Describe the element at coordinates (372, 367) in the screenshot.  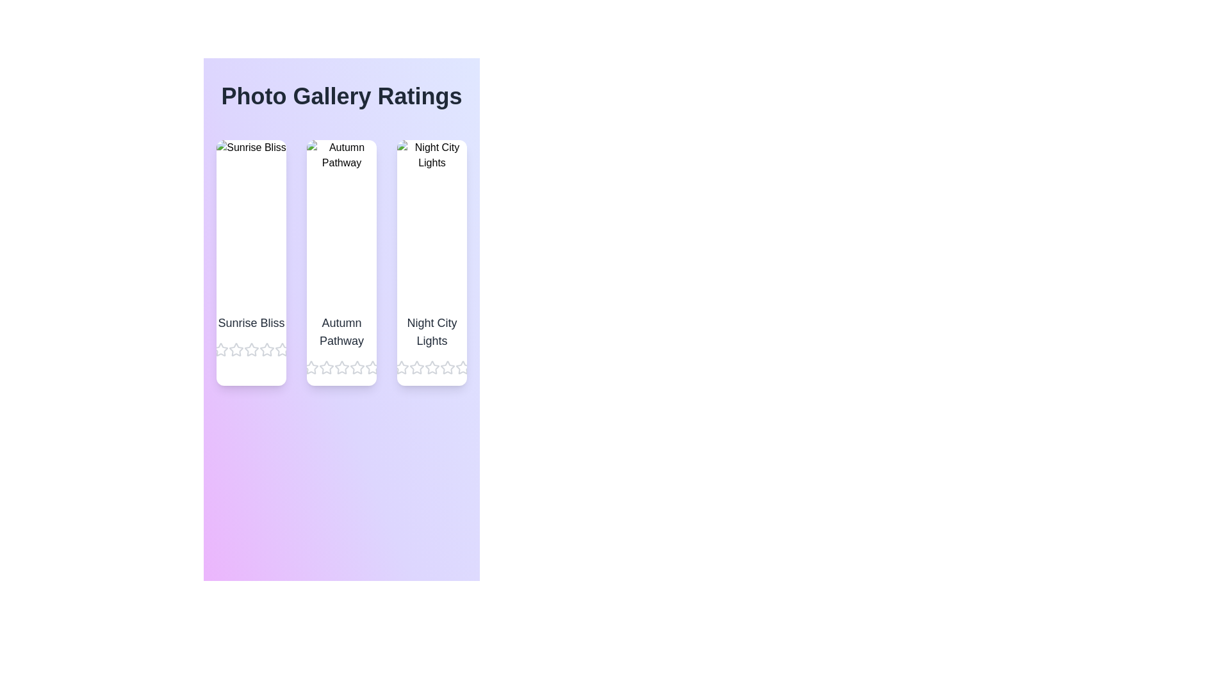
I see `the star corresponding to 5 stars for the image titled Autumn Pathway` at that location.